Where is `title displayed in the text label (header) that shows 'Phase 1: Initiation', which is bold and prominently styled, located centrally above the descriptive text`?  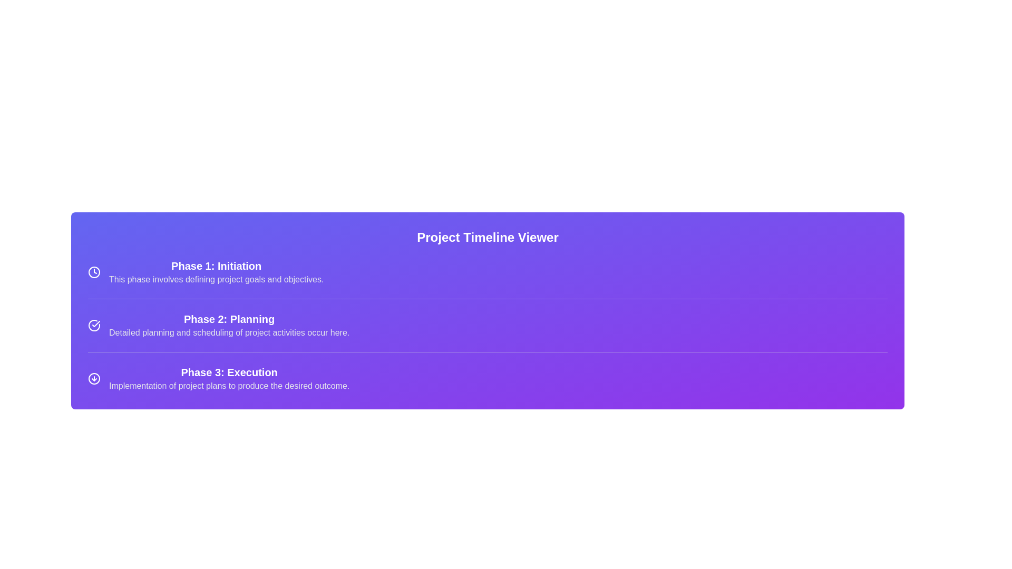
title displayed in the text label (header) that shows 'Phase 1: Initiation', which is bold and prominently styled, located centrally above the descriptive text is located at coordinates (216, 266).